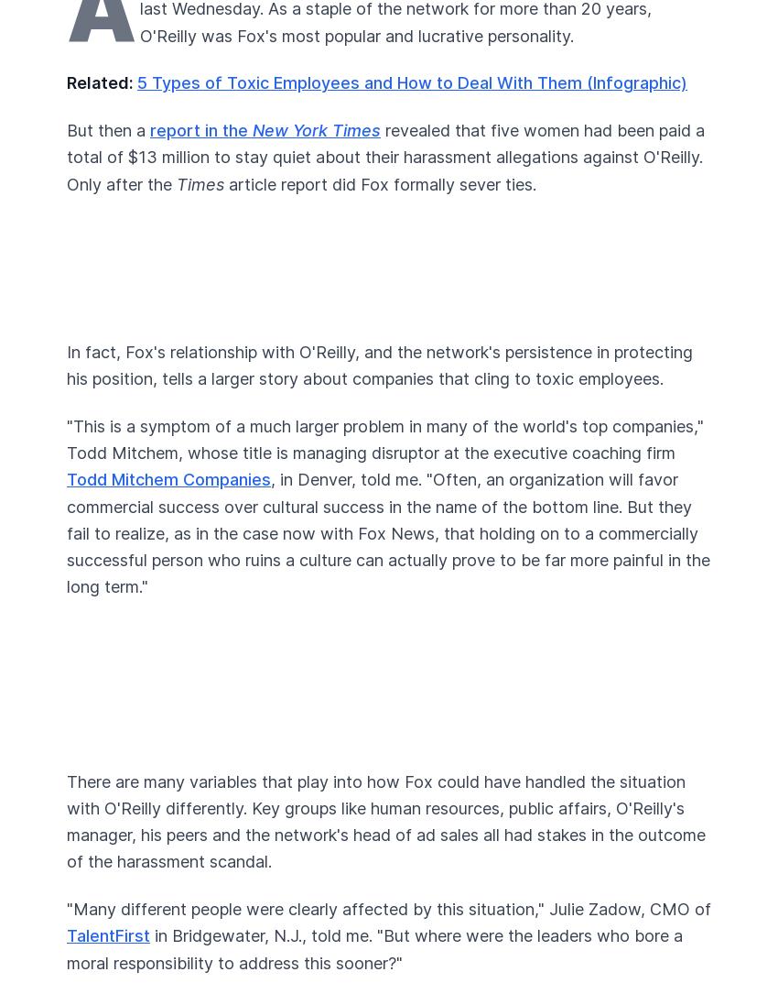 This screenshot has height=983, width=778. What do you see at coordinates (67, 413) in the screenshot?
I see `'How Was Amazon's Pre-Holiday Prime Day? Here's What We Can Learn From the Sales Event'` at bounding box center [67, 413].